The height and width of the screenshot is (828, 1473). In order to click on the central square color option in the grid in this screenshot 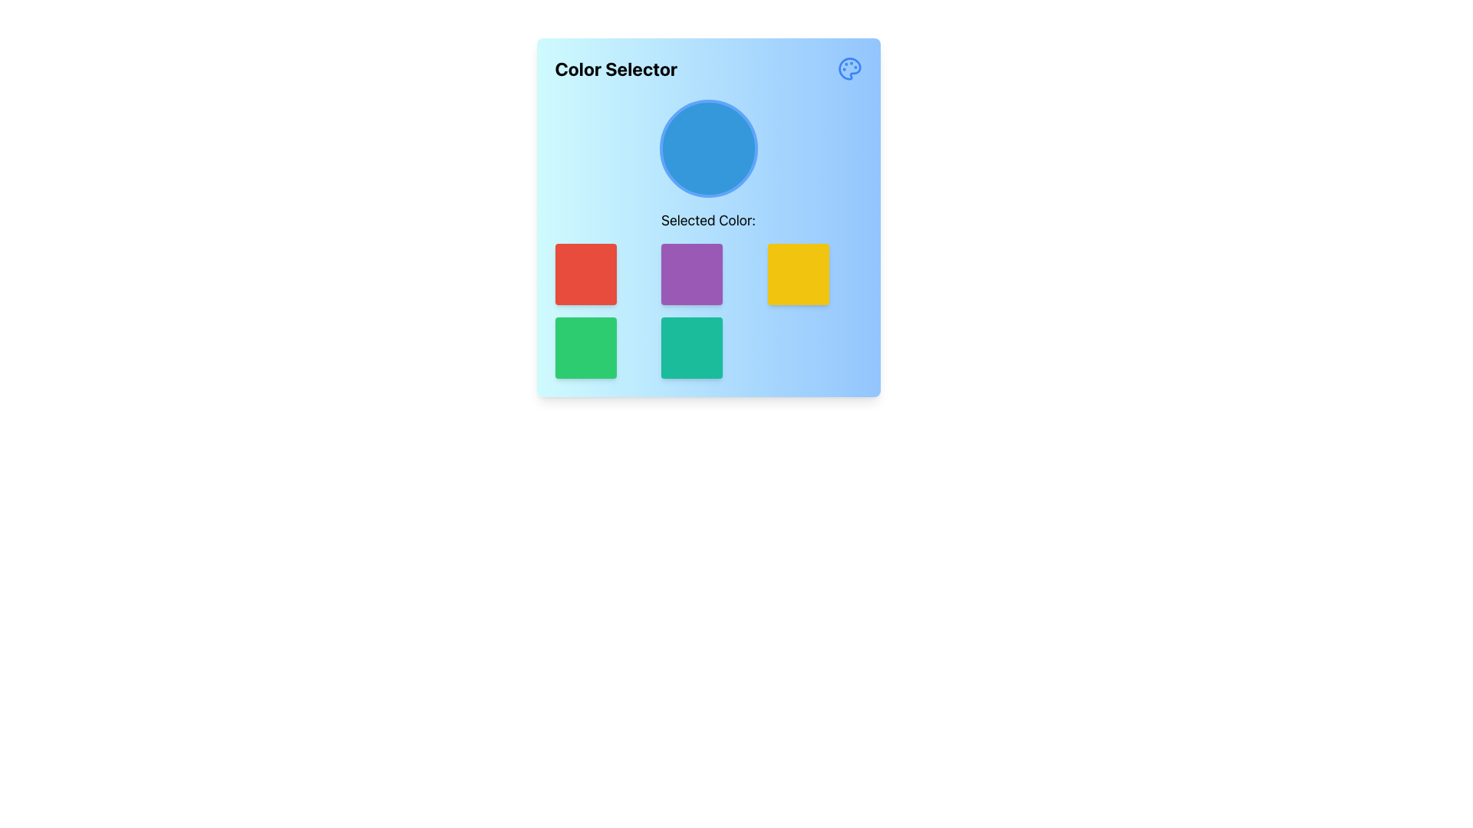, I will do `click(691, 274)`.